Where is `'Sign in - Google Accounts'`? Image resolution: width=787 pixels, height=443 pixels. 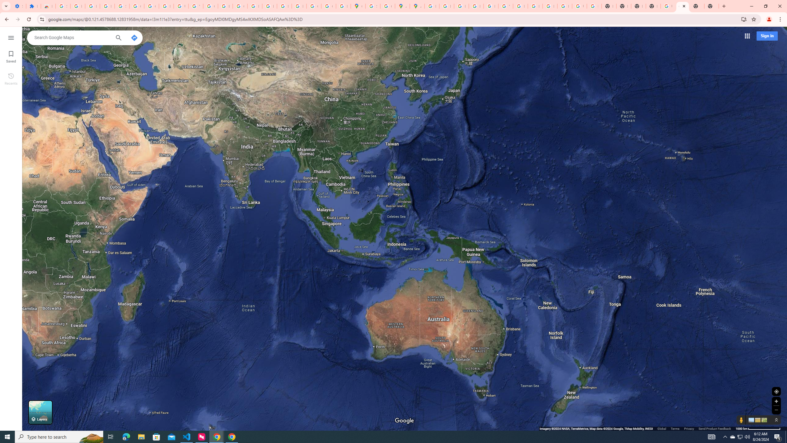 'Sign in - Google Accounts' is located at coordinates (62, 6).